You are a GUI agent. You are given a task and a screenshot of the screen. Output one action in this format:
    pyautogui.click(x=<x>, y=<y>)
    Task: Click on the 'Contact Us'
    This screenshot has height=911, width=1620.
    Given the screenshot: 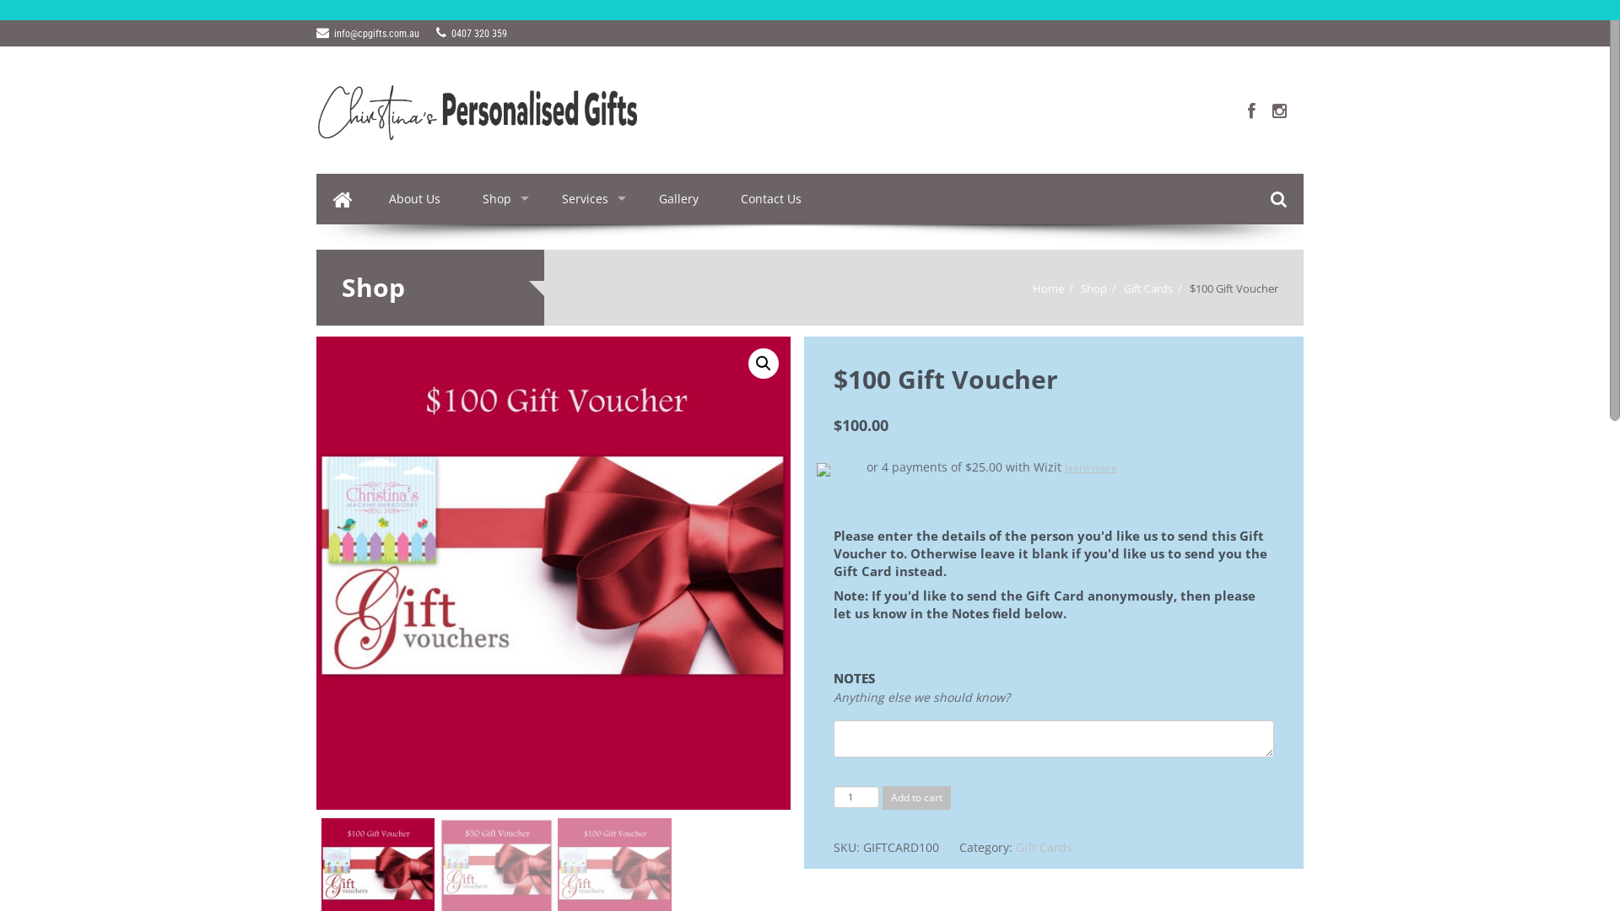 What is the action you would take?
    pyautogui.click(x=769, y=197)
    